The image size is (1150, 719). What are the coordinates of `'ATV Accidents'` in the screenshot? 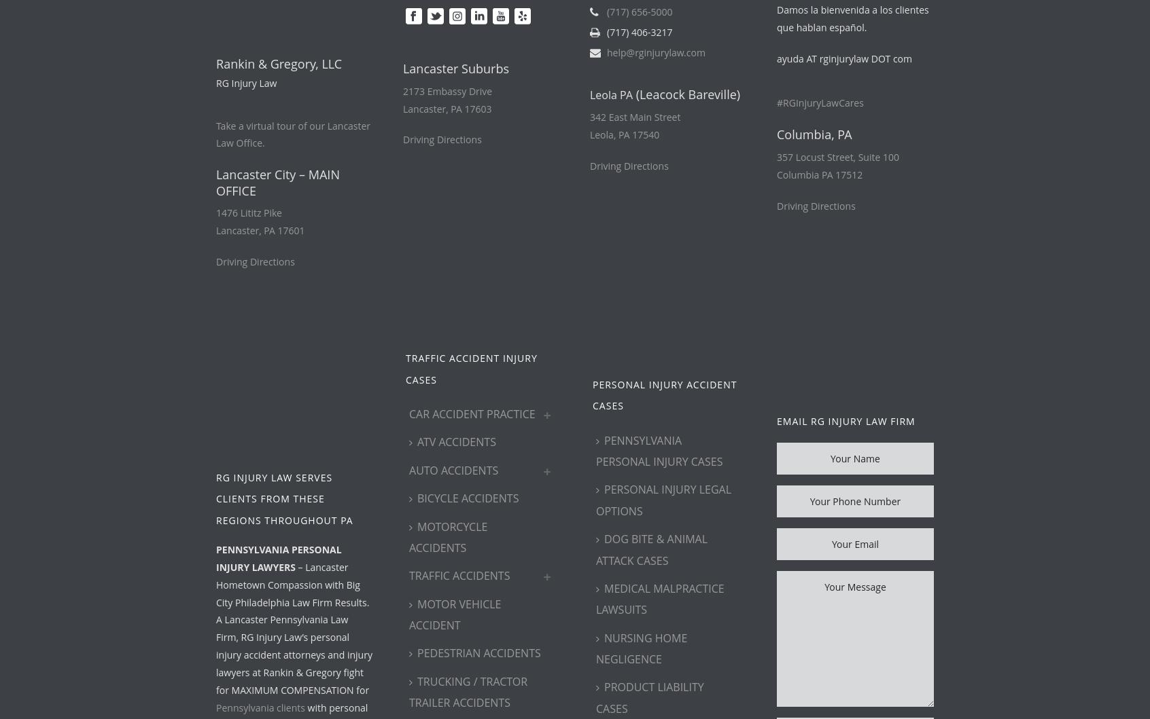 It's located at (456, 441).